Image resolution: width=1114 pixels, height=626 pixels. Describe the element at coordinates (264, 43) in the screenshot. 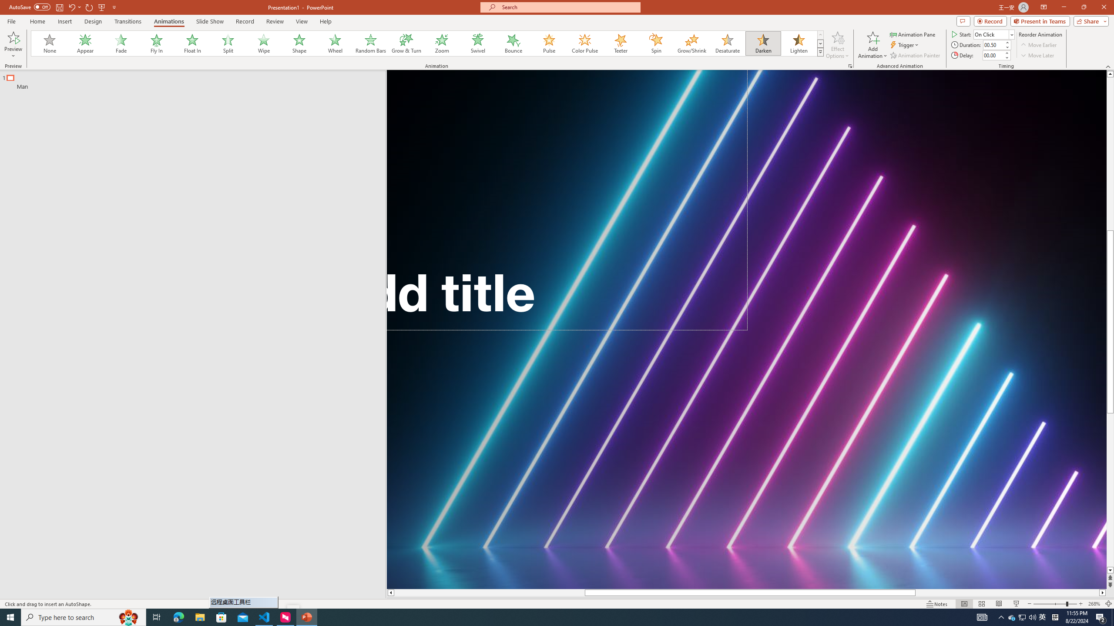

I see `'Wipe'` at that location.